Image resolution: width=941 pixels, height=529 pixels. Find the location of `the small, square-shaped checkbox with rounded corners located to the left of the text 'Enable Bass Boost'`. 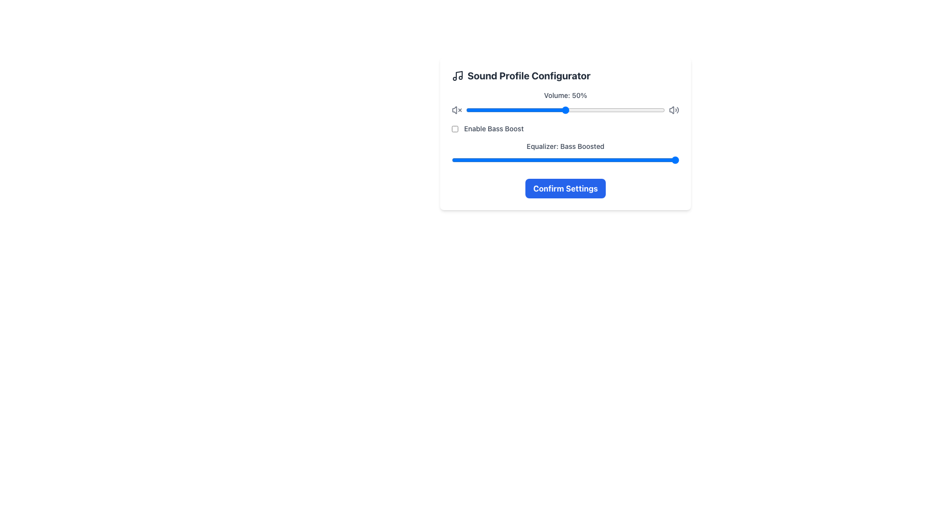

the small, square-shaped checkbox with rounded corners located to the left of the text 'Enable Bass Boost' is located at coordinates (454, 128).